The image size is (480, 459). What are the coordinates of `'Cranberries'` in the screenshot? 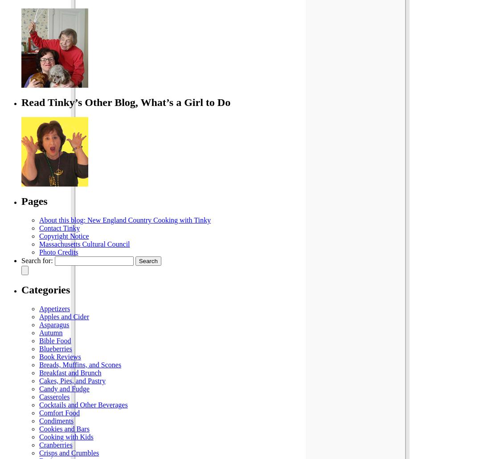 It's located at (38, 444).